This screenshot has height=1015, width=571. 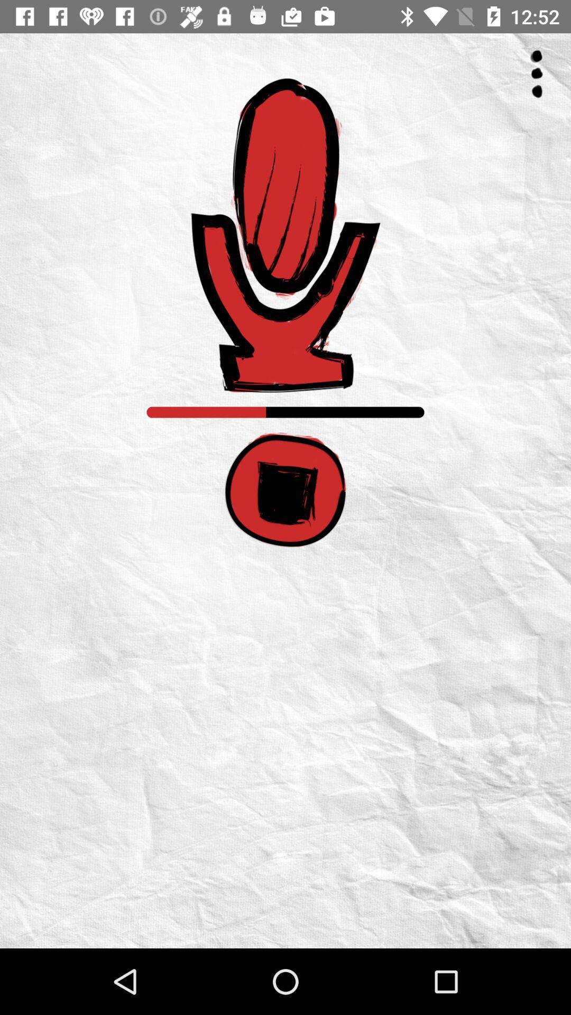 What do you see at coordinates (537, 73) in the screenshot?
I see `settings` at bounding box center [537, 73].